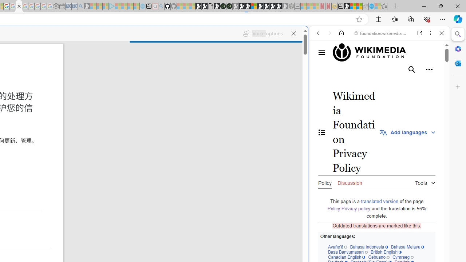 This screenshot has width=466, height=262. I want to click on 'Wallet - Sleeping', so click(62, 6).